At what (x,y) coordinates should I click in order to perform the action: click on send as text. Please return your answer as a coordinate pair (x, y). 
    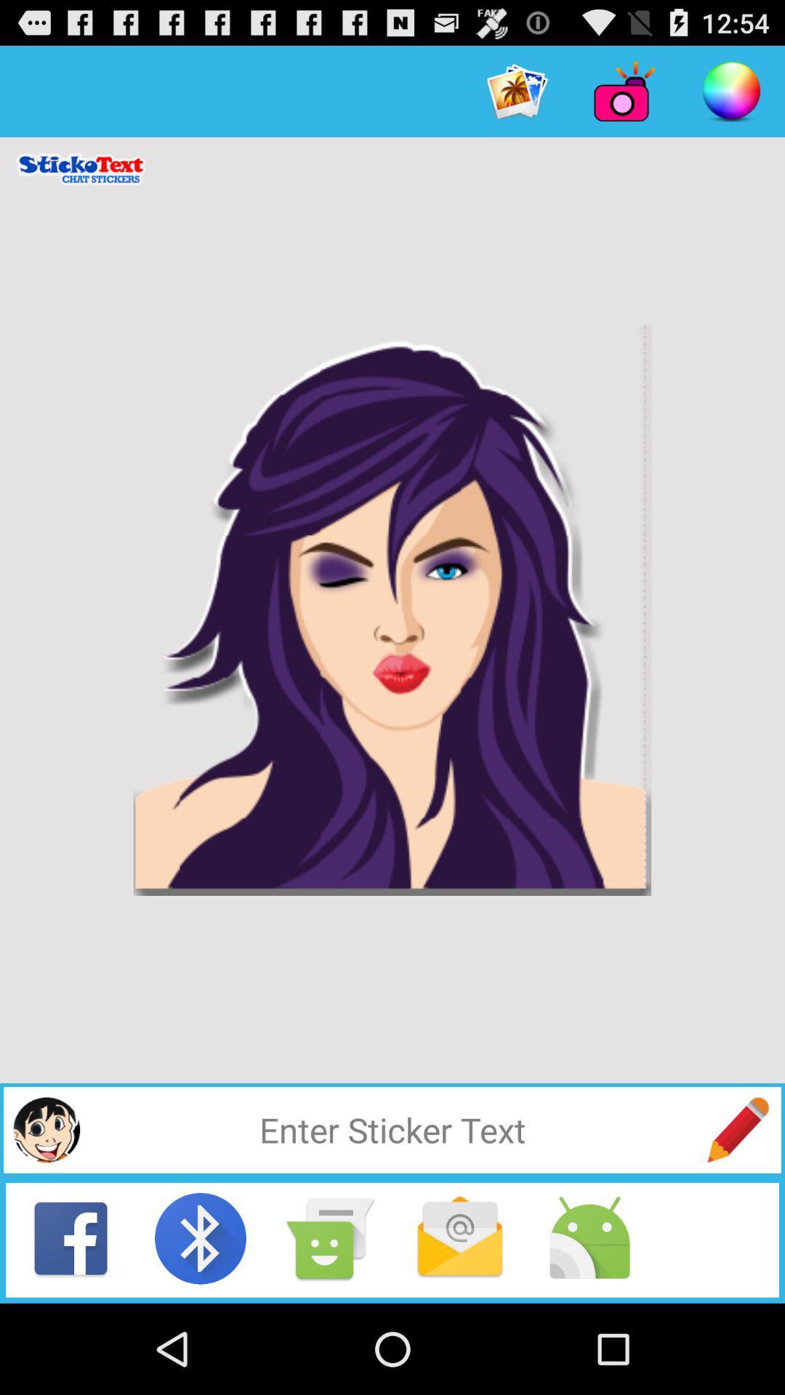
    Looking at the image, I should click on (330, 1237).